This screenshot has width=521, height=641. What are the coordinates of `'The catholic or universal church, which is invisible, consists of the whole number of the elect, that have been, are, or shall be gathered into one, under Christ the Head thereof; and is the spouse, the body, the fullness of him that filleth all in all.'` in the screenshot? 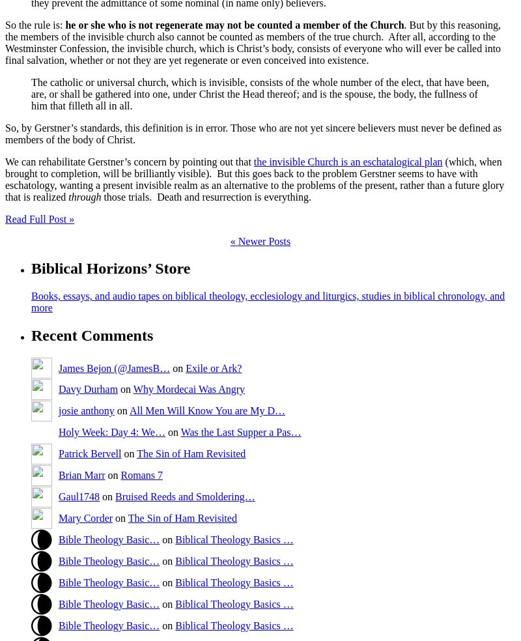 It's located at (259, 93).